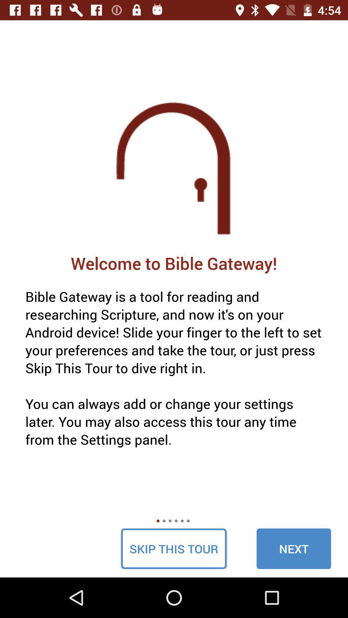 The height and width of the screenshot is (618, 348). Describe the element at coordinates (294, 548) in the screenshot. I see `the item next to skip this tour icon` at that location.